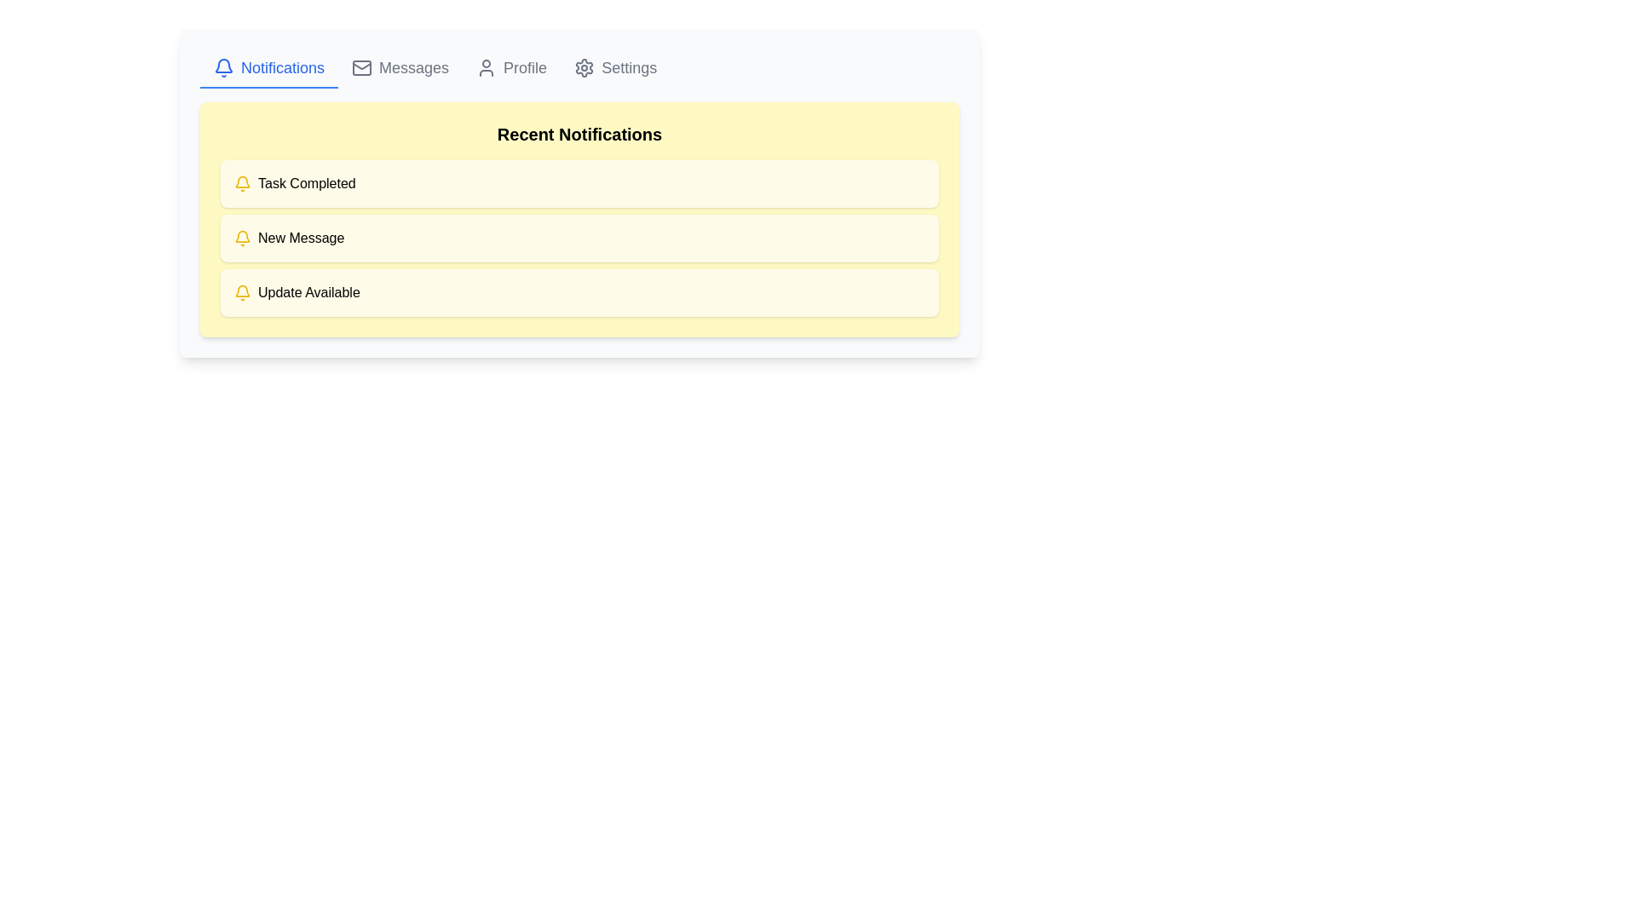 This screenshot has height=920, width=1636. I want to click on the bell icon that symbolizes a notification, which is yellow and located on the left side of the 'Task Completed' text in the notification list, so click(241, 184).